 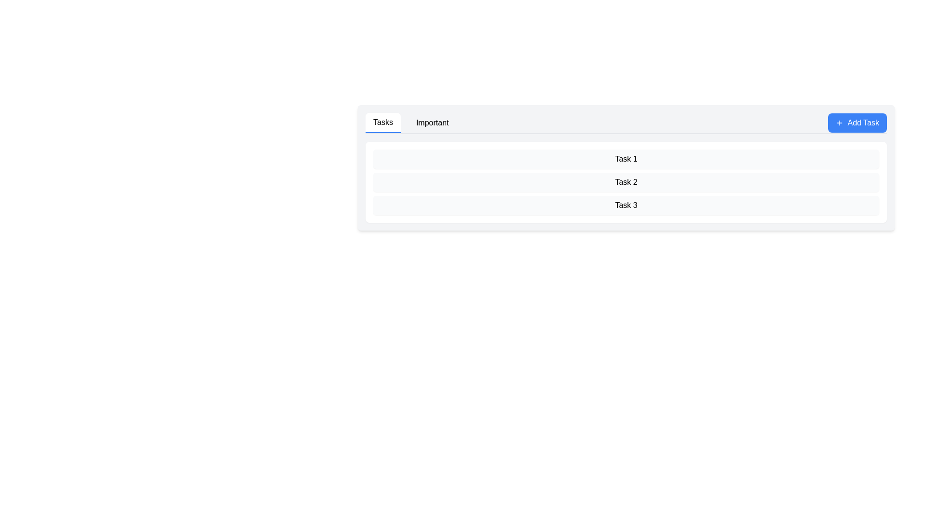 I want to click on the 'Add Task' button, so click(x=858, y=122).